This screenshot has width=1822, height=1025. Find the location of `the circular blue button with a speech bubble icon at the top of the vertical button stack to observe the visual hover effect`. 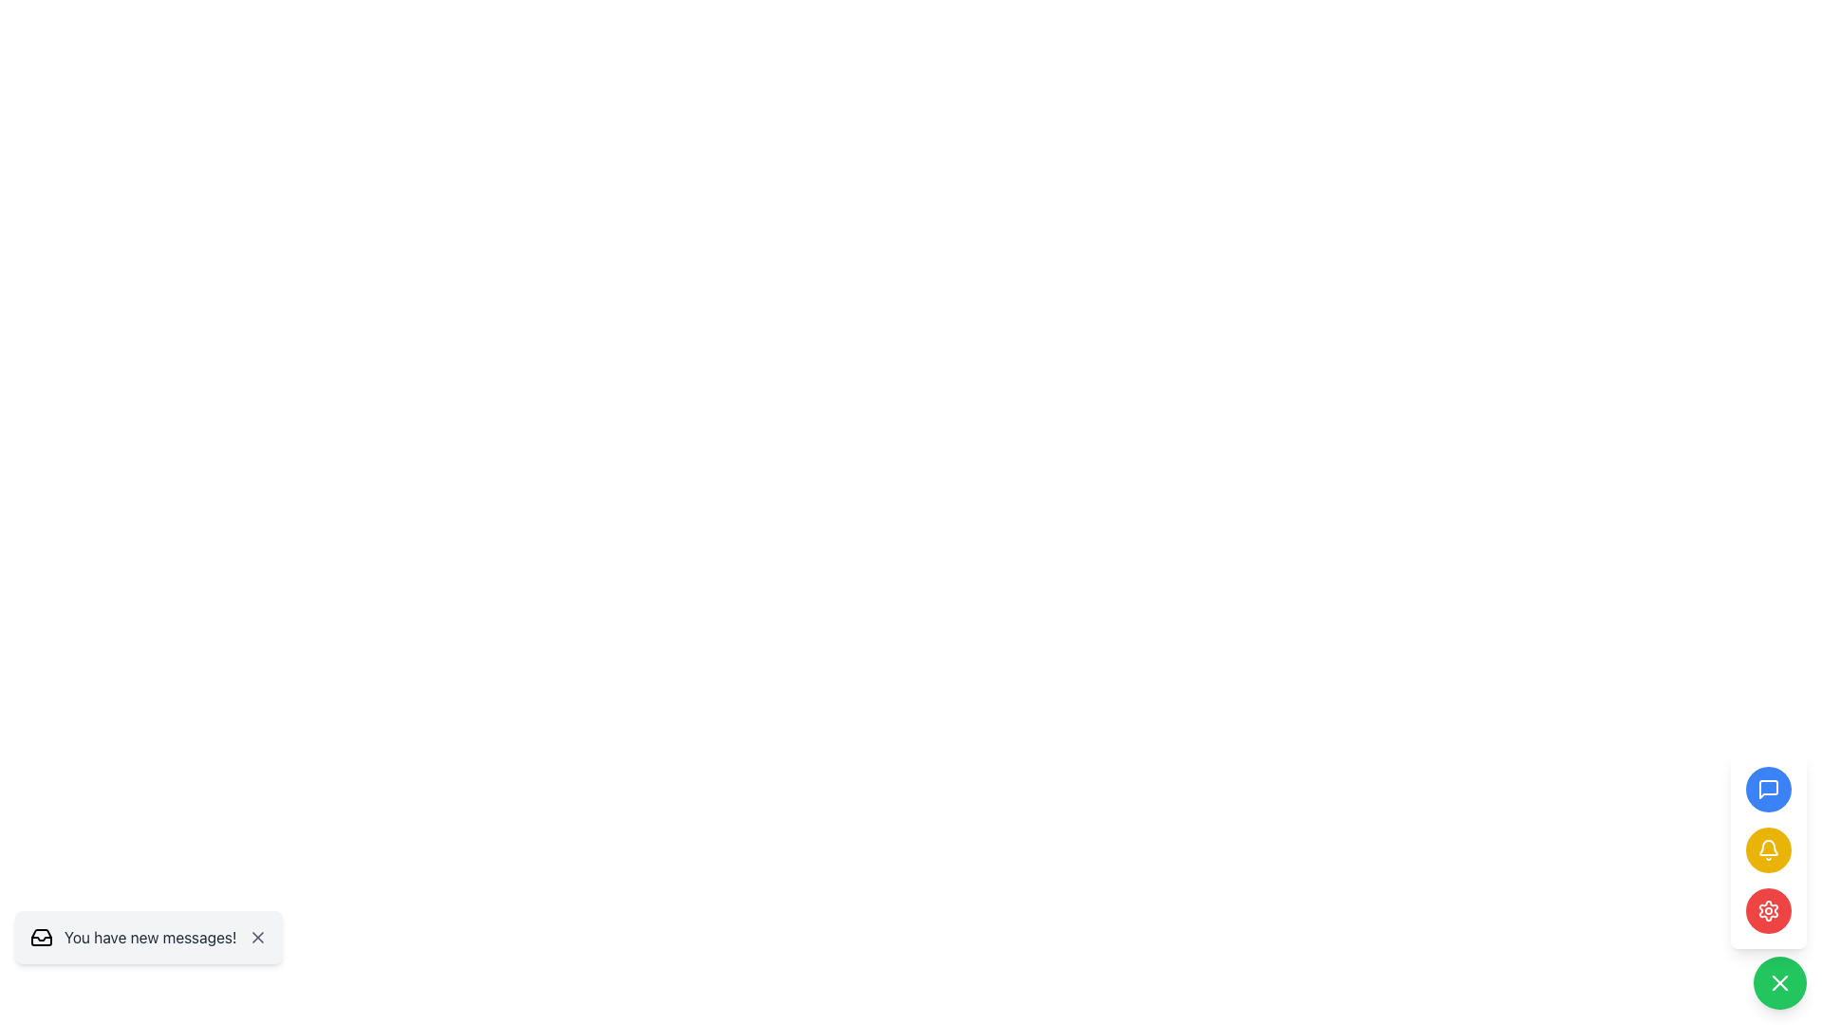

the circular blue button with a speech bubble icon at the top of the vertical button stack to observe the visual hover effect is located at coordinates (1767, 790).